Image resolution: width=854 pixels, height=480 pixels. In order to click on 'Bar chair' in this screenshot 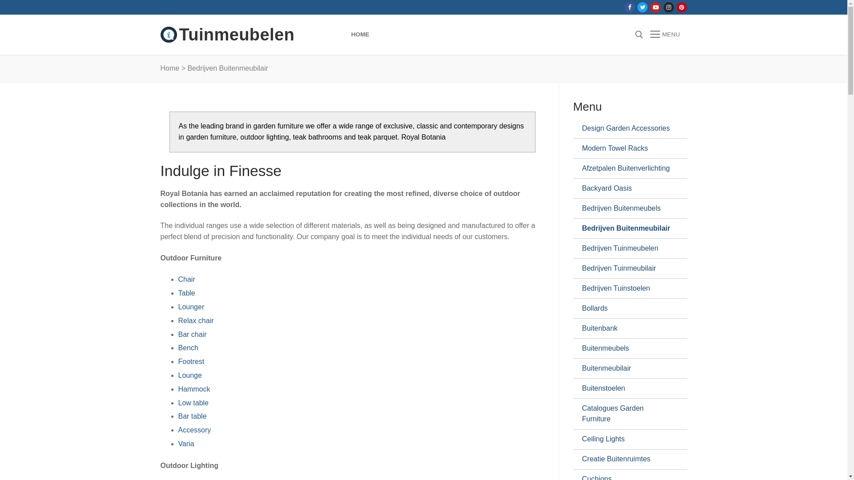, I will do `click(192, 334)`.